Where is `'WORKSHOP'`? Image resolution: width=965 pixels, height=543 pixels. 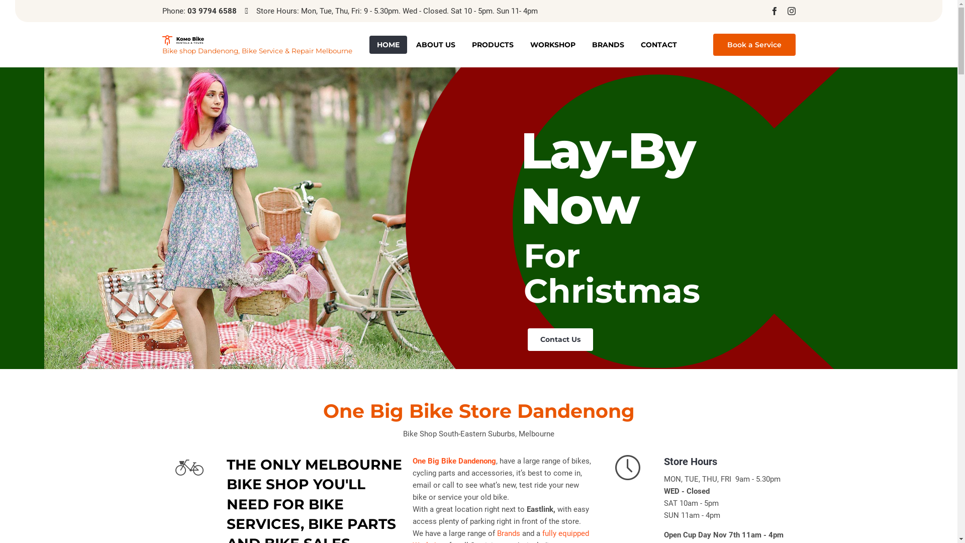
'WORKSHOP' is located at coordinates (552, 44).